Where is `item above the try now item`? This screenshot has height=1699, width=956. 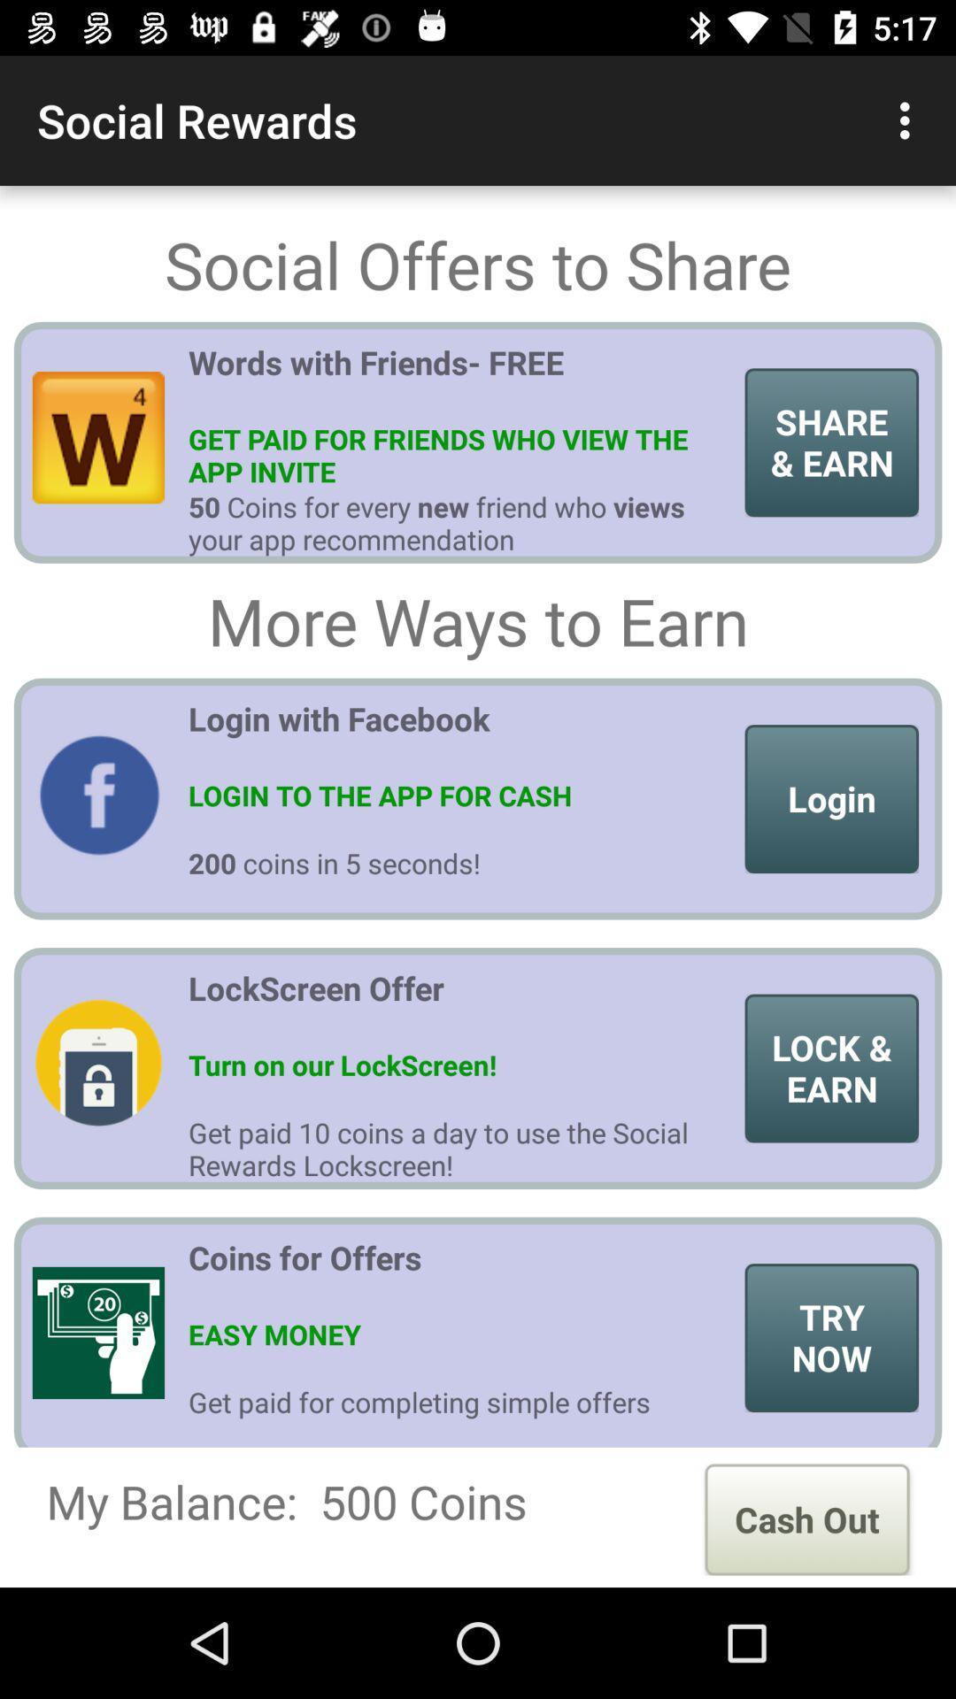
item above the try now item is located at coordinates (831, 1067).